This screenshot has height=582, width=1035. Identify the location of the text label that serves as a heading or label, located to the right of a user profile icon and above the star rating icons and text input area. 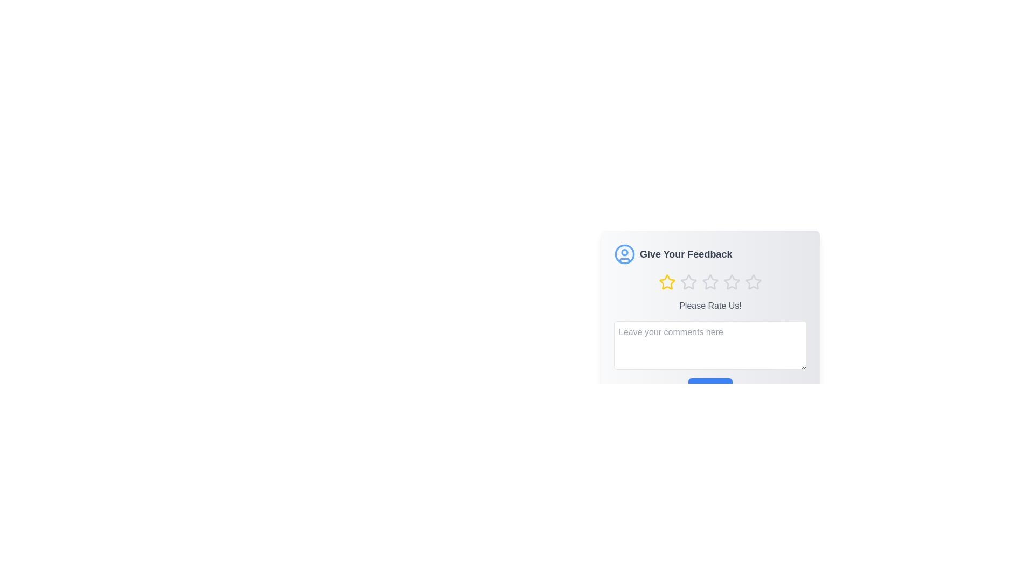
(685, 254).